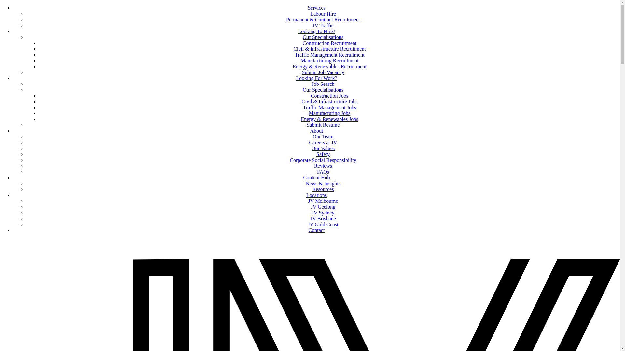 The image size is (625, 351). Describe the element at coordinates (323, 136) in the screenshot. I see `'Our Team'` at that location.